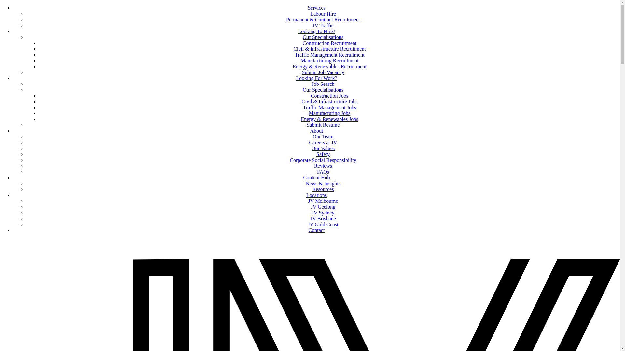 The image size is (625, 351). Describe the element at coordinates (323, 136) in the screenshot. I see `'Our Team'` at that location.